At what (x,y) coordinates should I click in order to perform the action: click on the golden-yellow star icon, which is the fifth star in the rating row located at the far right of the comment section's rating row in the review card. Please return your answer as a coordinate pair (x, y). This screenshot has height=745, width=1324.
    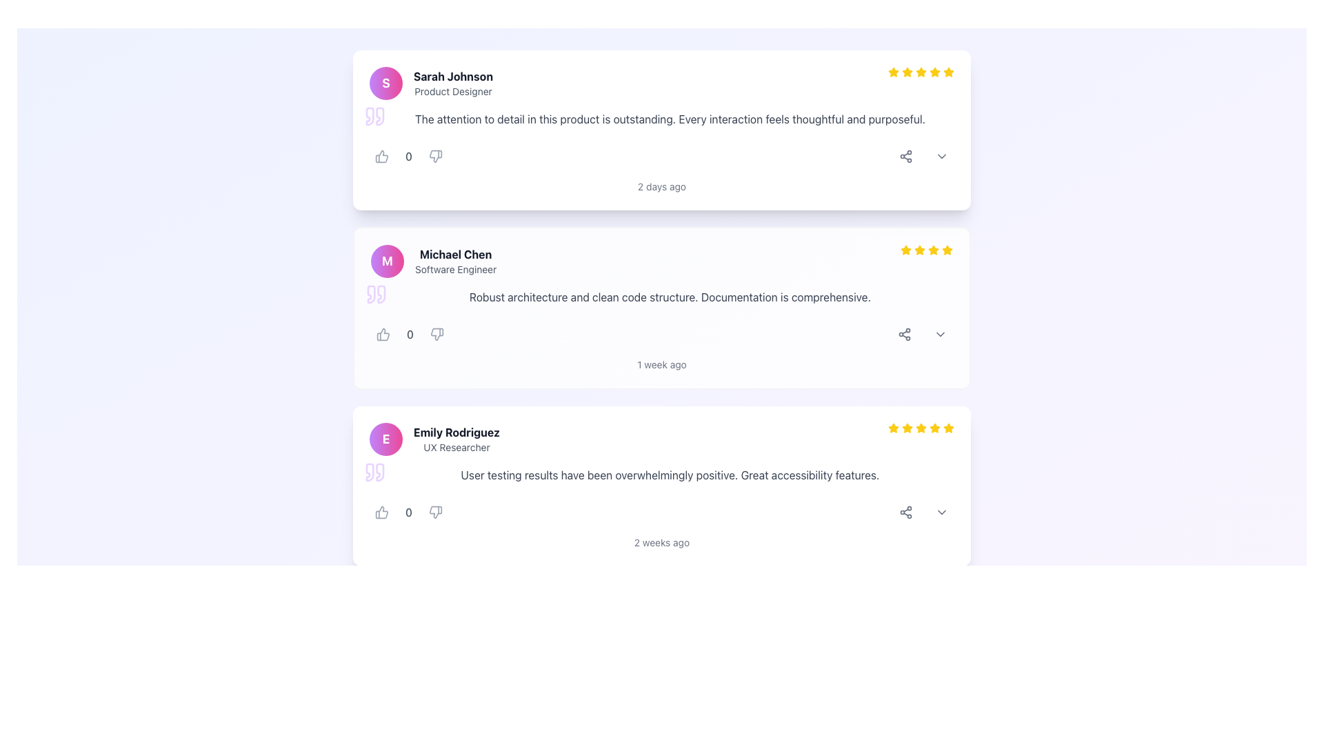
    Looking at the image, I should click on (948, 428).